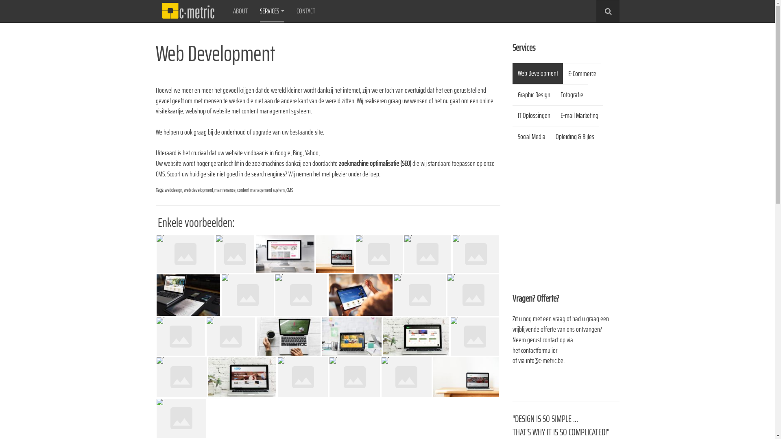 The image size is (781, 439). What do you see at coordinates (259, 11) in the screenshot?
I see `'SERVICES'` at bounding box center [259, 11].